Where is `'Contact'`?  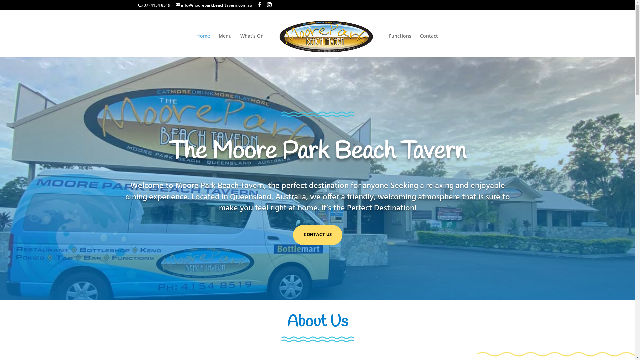 'Contact' is located at coordinates (429, 45).